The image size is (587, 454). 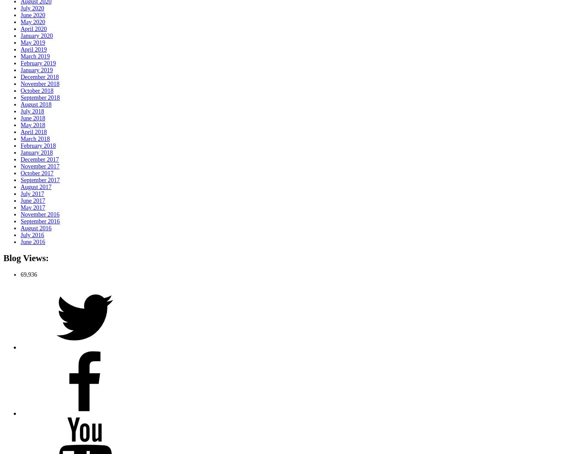 I want to click on 'May 2020', so click(x=33, y=21).